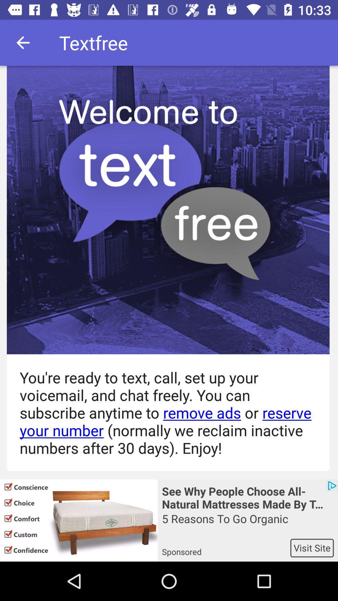 The image size is (338, 601). What do you see at coordinates (226, 547) in the screenshot?
I see `item to the left of visit site app` at bounding box center [226, 547].